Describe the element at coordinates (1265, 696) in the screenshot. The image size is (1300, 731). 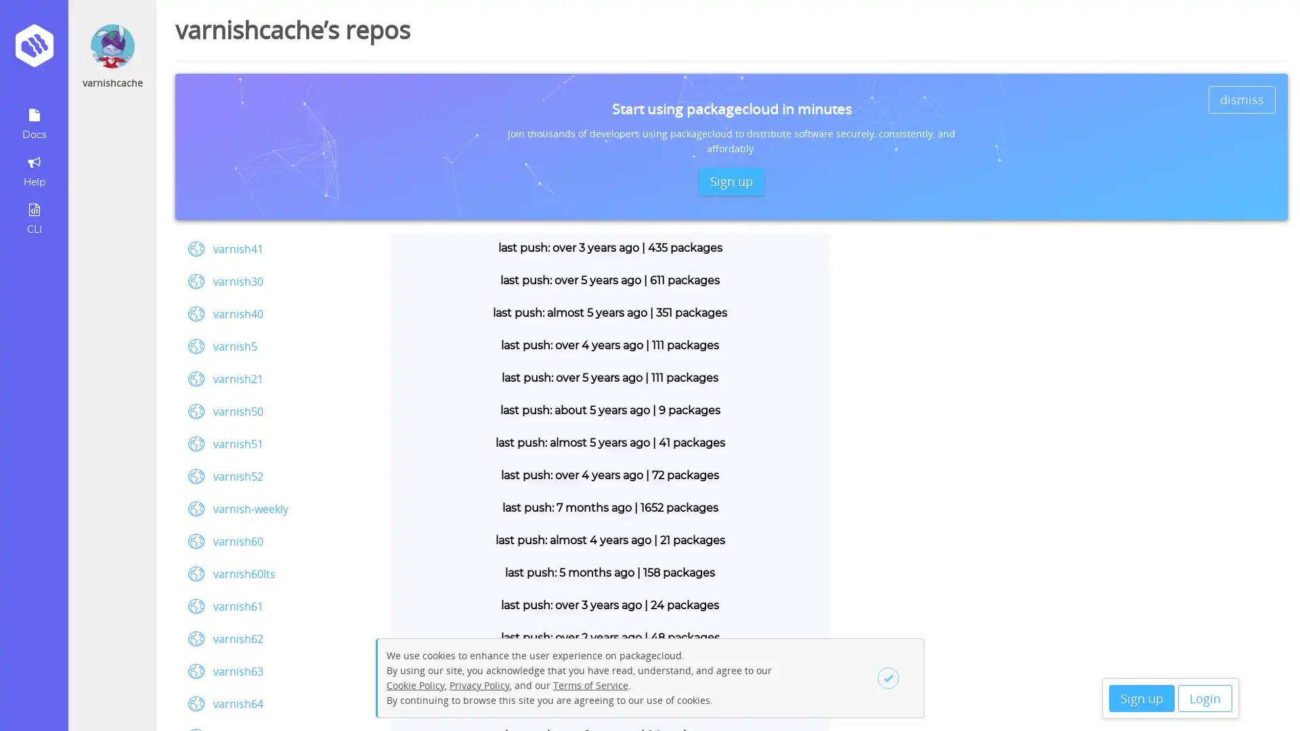
I see `Open Intercom Messenger` at that location.